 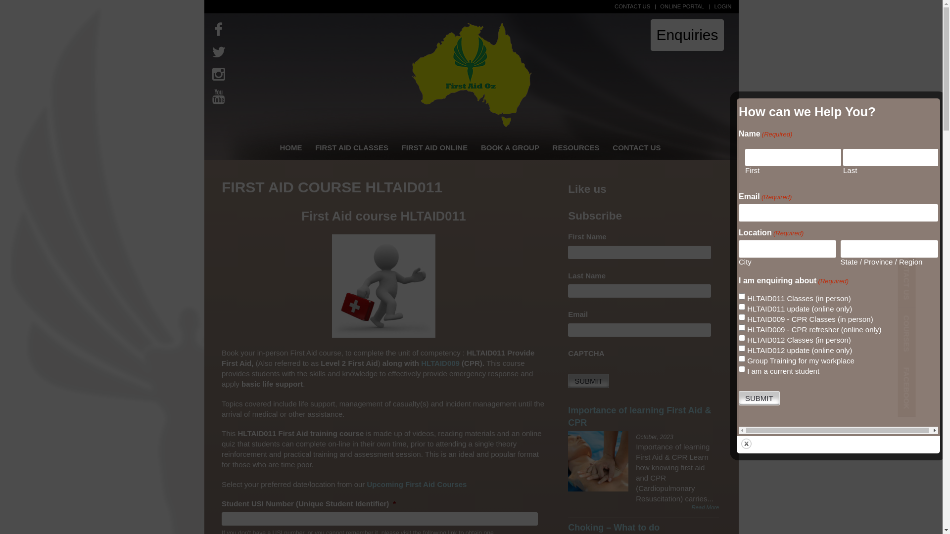 What do you see at coordinates (759, 398) in the screenshot?
I see `'Submit'` at bounding box center [759, 398].